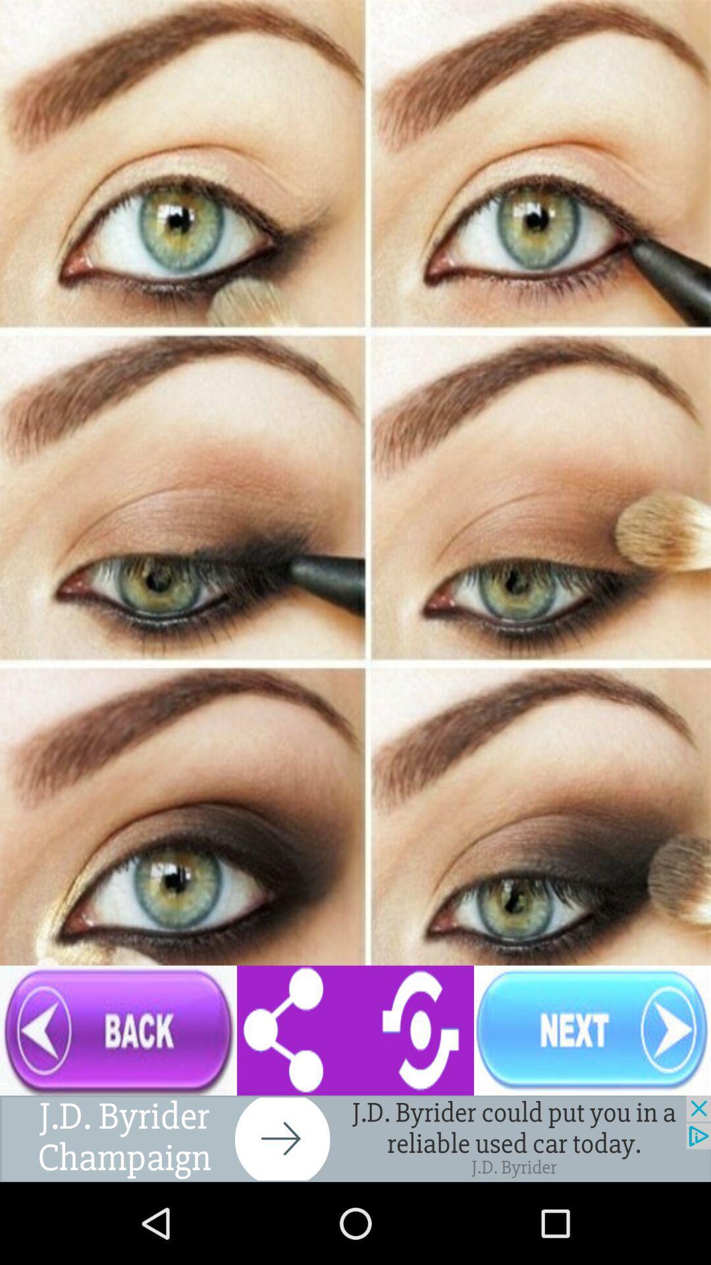 Image resolution: width=711 pixels, height=1265 pixels. Describe the element at coordinates (355, 1030) in the screenshot. I see `share page` at that location.